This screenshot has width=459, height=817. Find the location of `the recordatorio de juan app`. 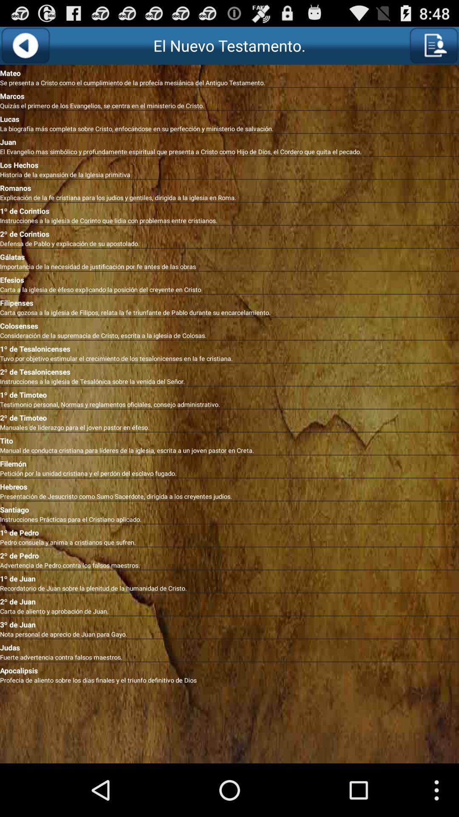

the recordatorio de juan app is located at coordinates (229, 588).